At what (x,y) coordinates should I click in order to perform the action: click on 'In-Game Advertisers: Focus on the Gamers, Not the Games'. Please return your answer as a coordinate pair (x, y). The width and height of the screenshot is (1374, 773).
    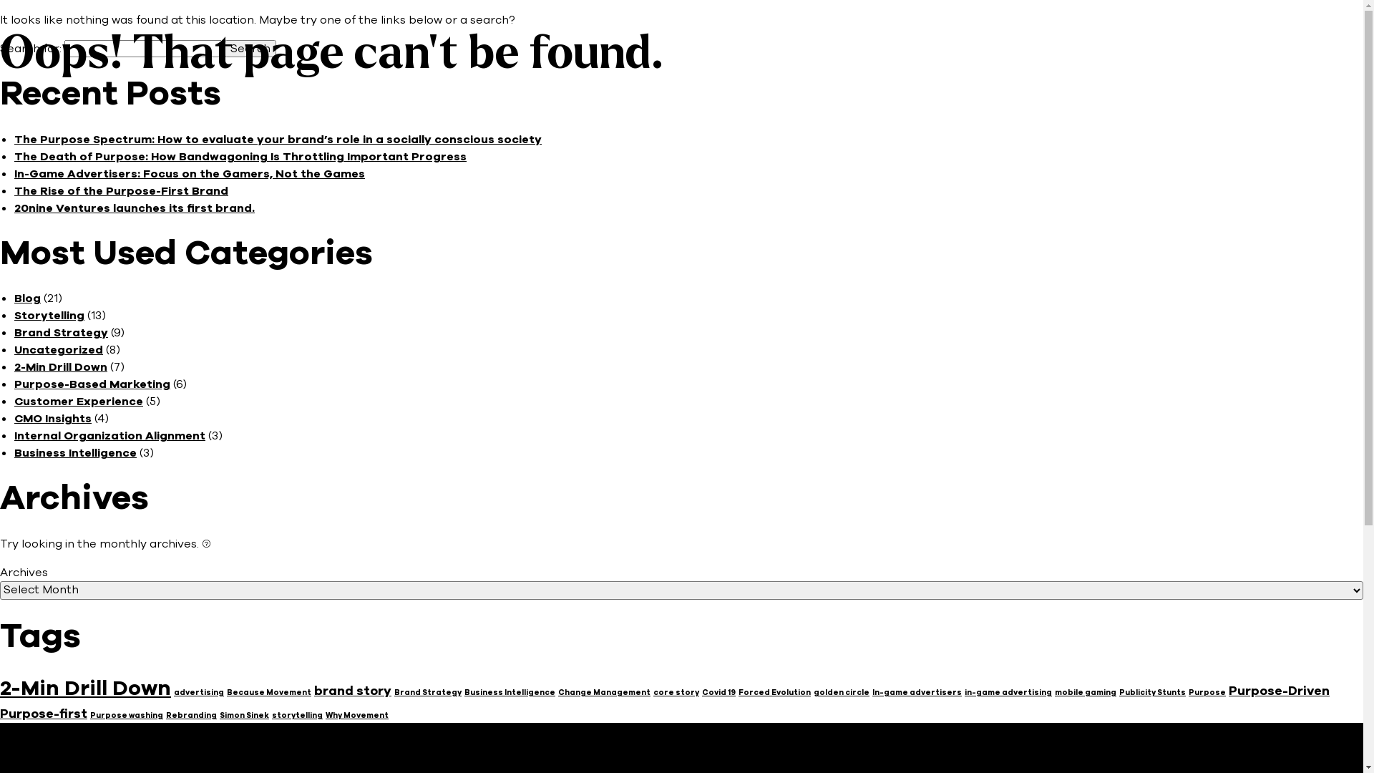
    Looking at the image, I should click on (188, 173).